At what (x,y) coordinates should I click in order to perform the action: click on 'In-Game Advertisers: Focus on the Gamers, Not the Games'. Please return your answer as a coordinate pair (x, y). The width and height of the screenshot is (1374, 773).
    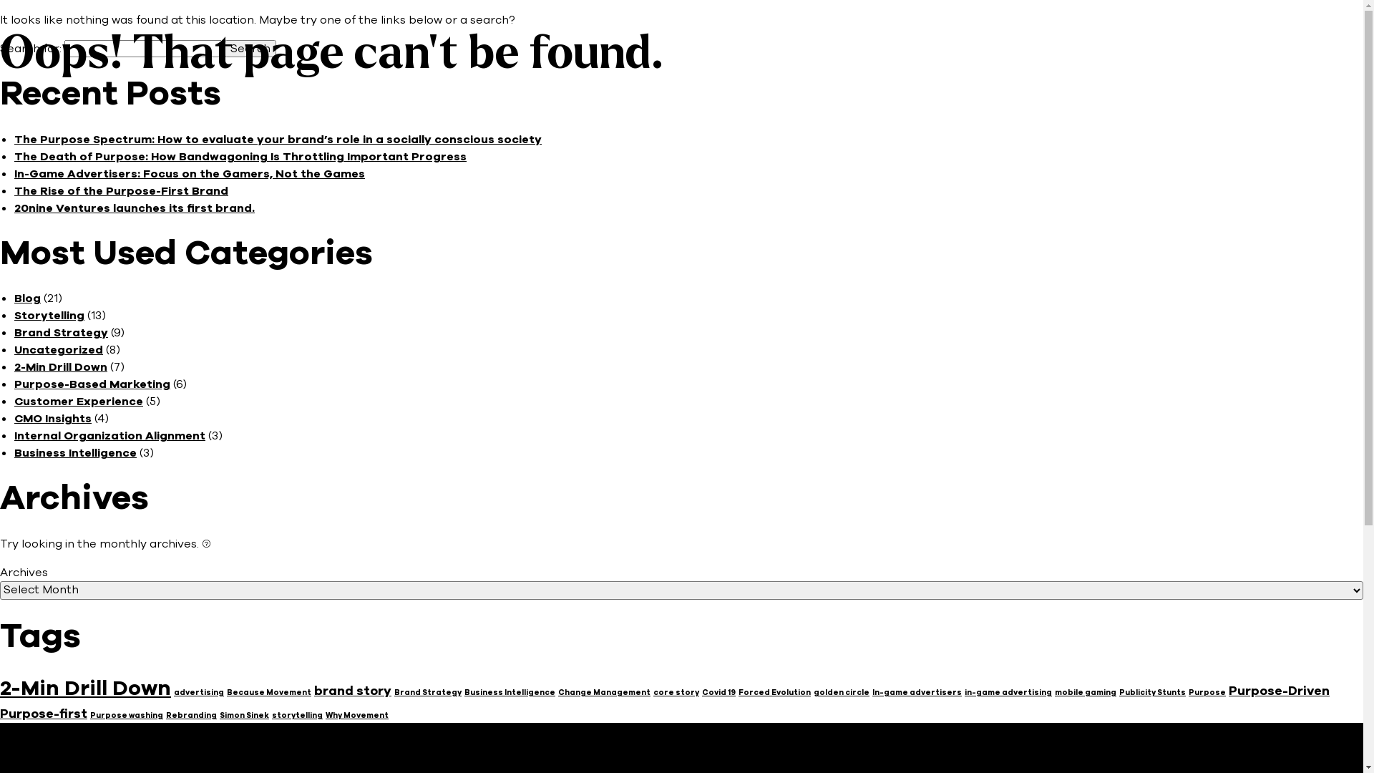
    Looking at the image, I should click on (188, 173).